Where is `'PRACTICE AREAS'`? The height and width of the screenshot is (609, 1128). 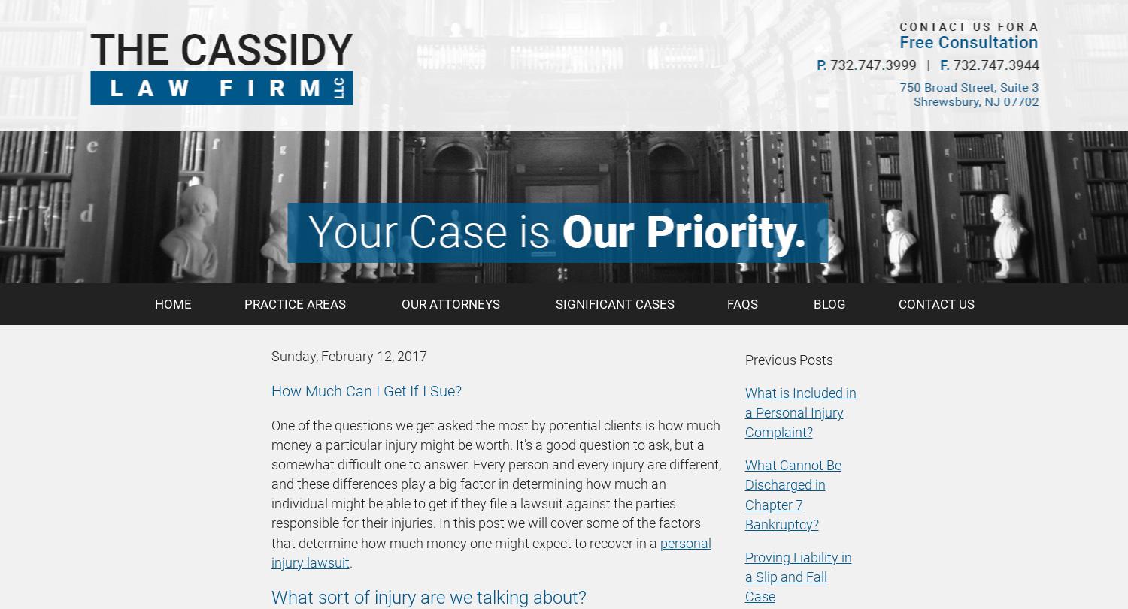
'PRACTICE AREAS' is located at coordinates (296, 304).